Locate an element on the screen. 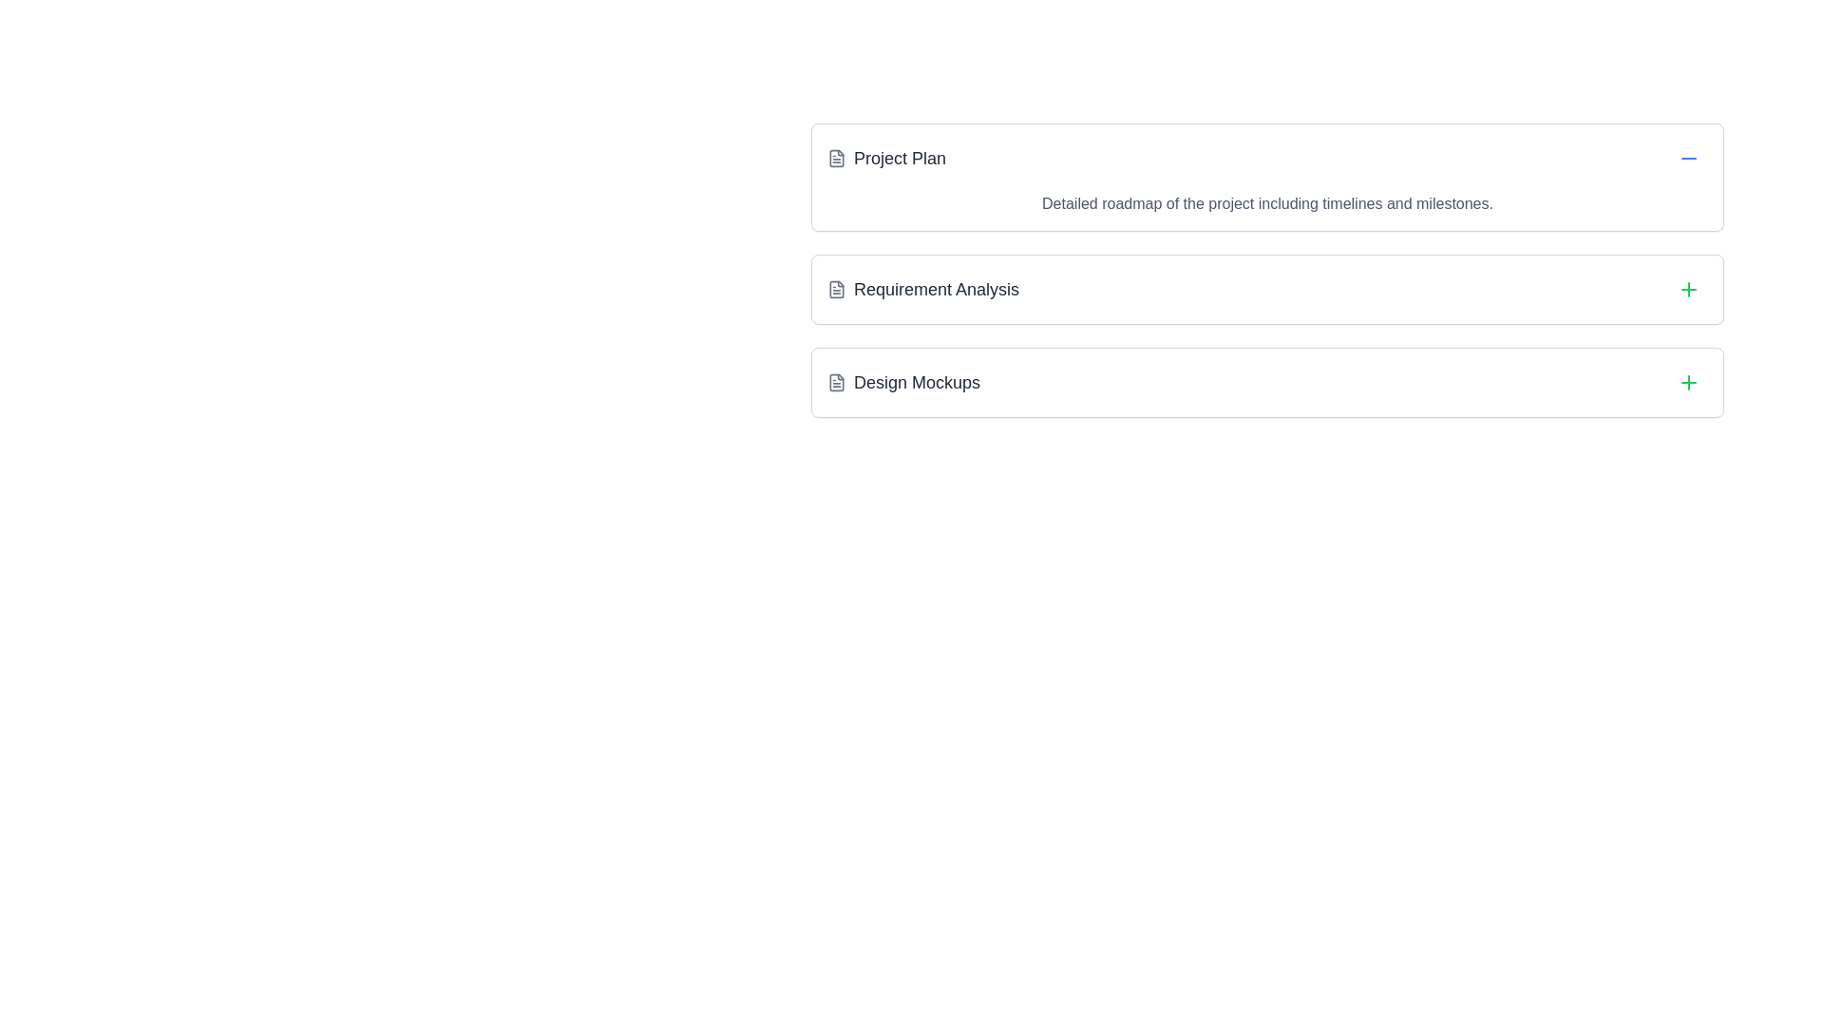 The image size is (1824, 1026). the rounded button with a green plus icon located to the far right of the 'Design Mockups' row is located at coordinates (1688, 382).